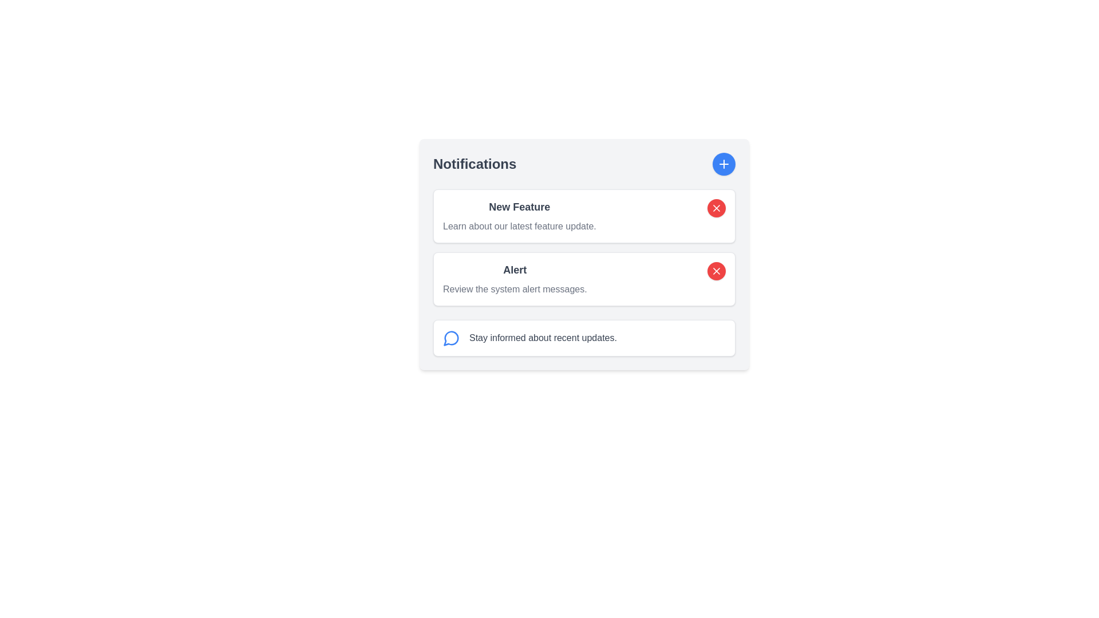  I want to click on the circular red button with a white 'X' icon located on the right side of the 'Alert' section in the second notification card, so click(716, 271).